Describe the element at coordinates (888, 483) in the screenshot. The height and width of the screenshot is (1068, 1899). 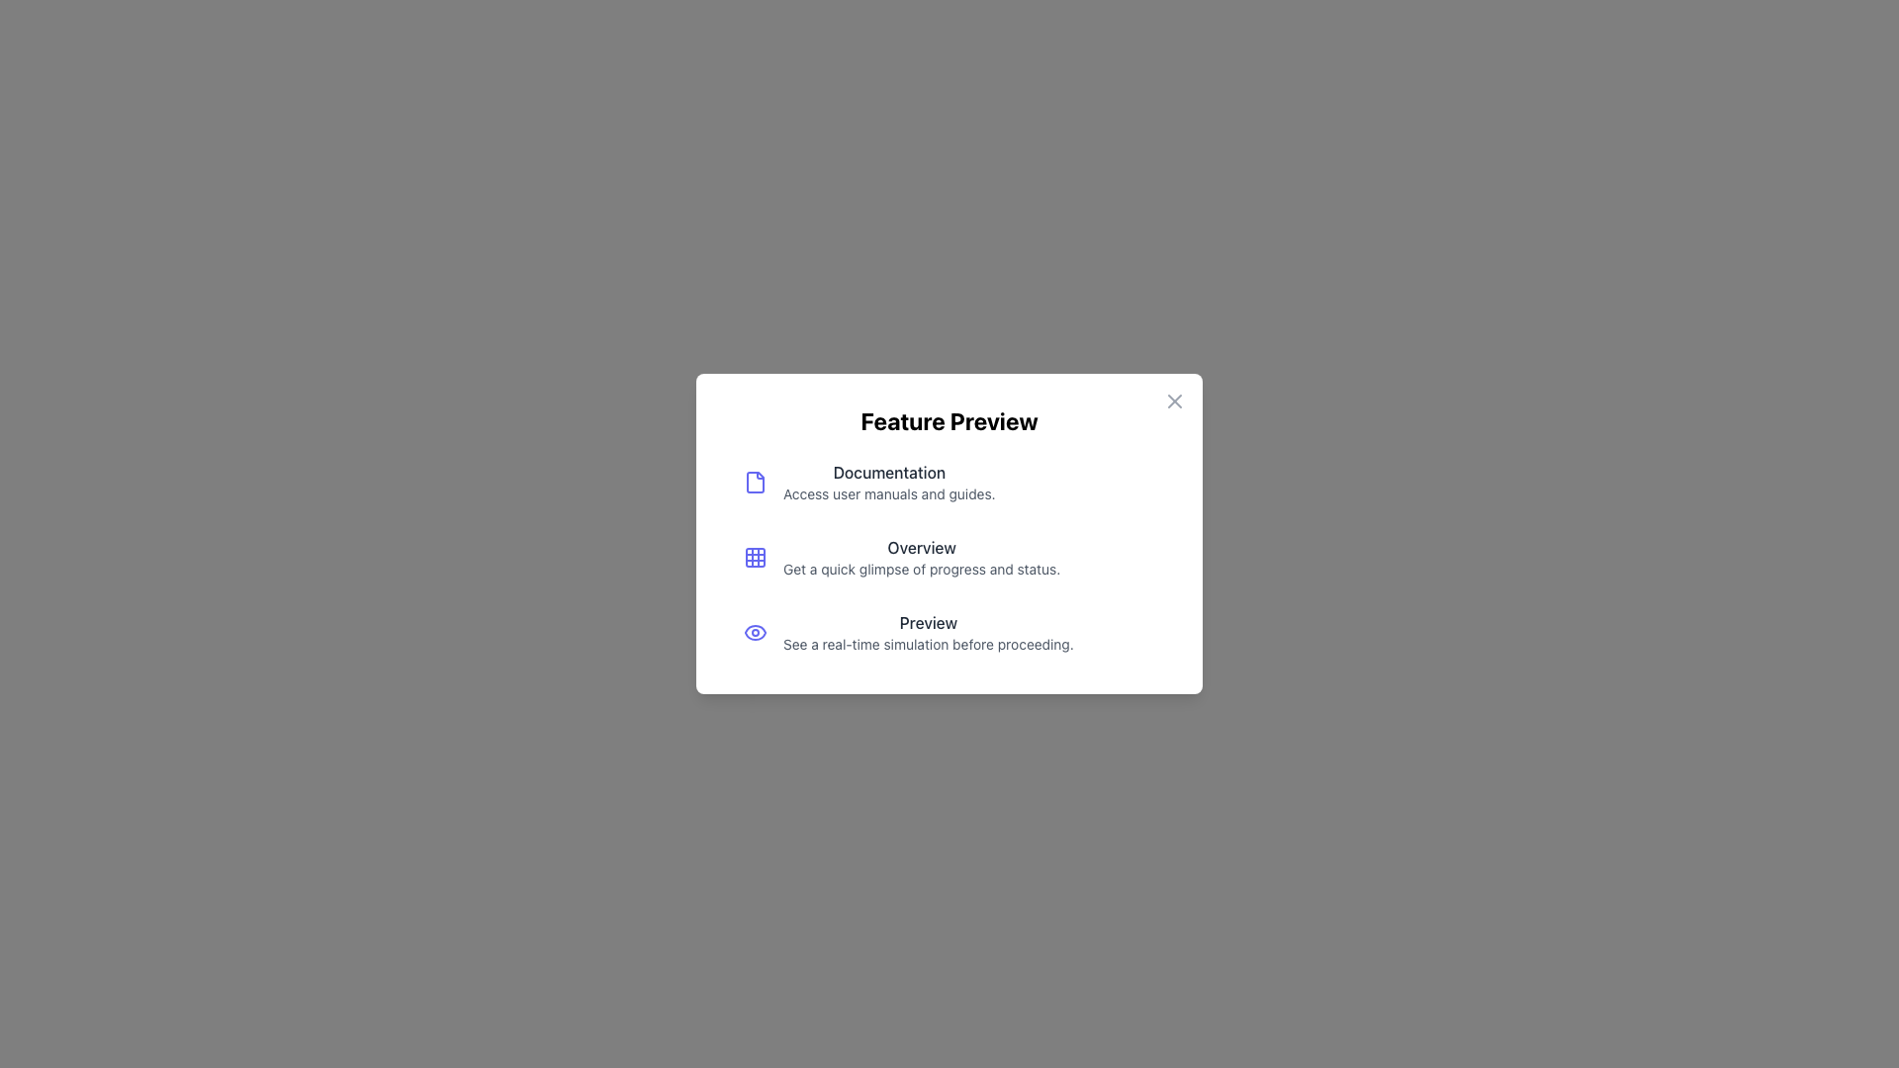
I see `the Text Block that serves as a description or title for the 'Feature Preview' modal, located at the top center, below the folder icon and above the options 'Overview' and 'Preview.'` at that location.